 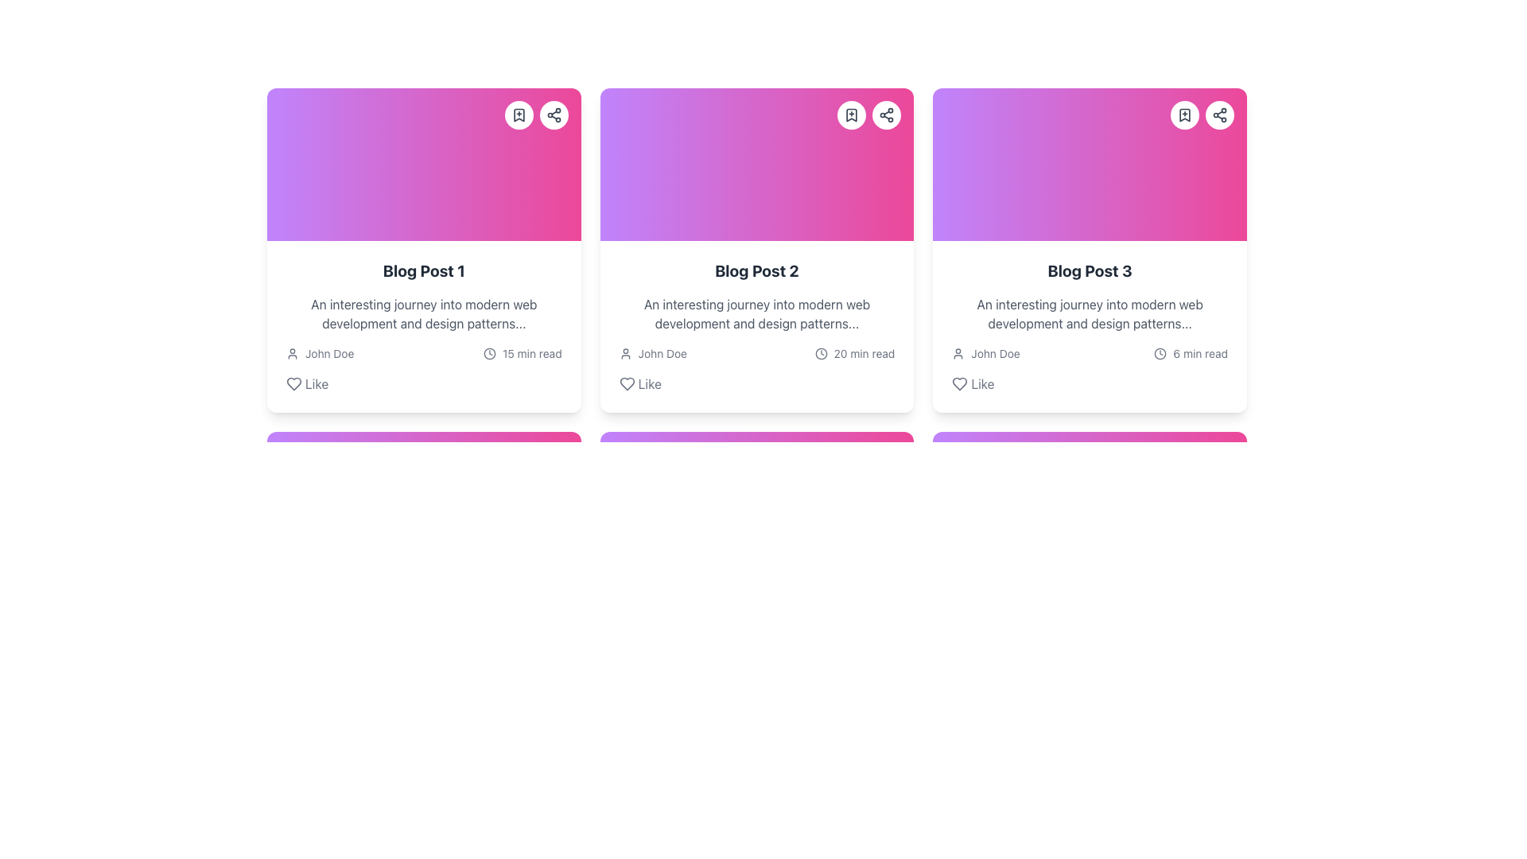 I want to click on text block displaying a concise description or teaser for the blog post content located within the card titled 'Blog Post 1', positioned directly below the title and above the additional information about the author and reading time, so click(x=424, y=313).